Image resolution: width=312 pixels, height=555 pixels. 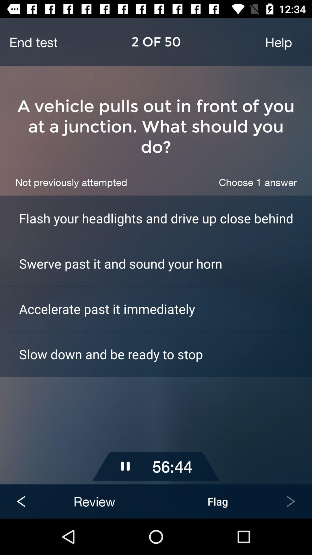 What do you see at coordinates (278, 42) in the screenshot?
I see `help icon` at bounding box center [278, 42].